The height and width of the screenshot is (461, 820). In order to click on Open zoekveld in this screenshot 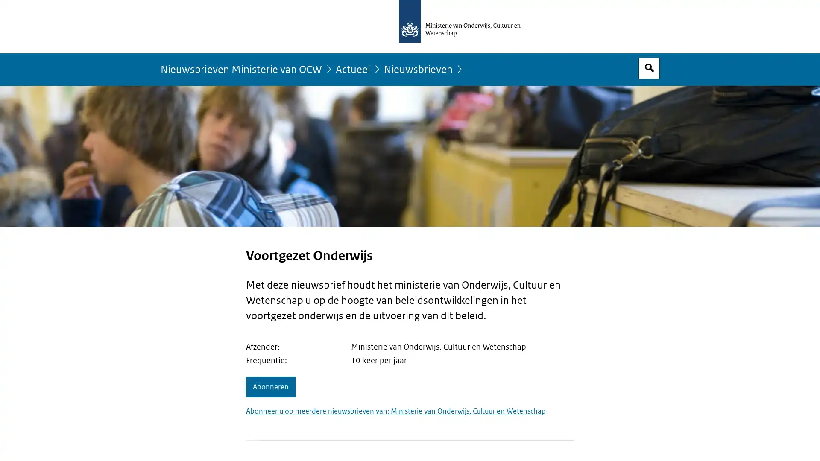, I will do `click(649, 67)`.